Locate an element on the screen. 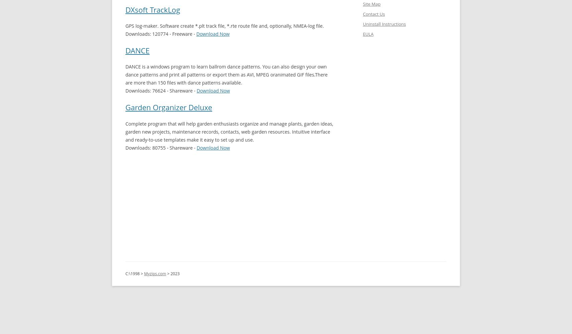  'DANCE is a windows program to learn ballrom dance patterns. You can also design your own dance patterns and print all patterns or export them as AVI, MPEG oranimated GIF files.There are more than 150 files with dance patterns available.' is located at coordinates (226, 74).